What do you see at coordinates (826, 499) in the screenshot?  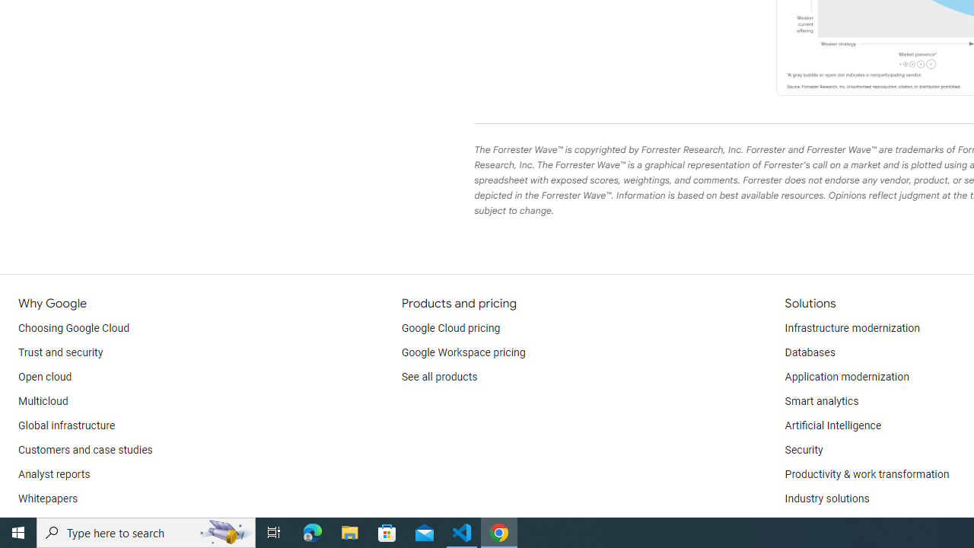 I see `'Industry solutions'` at bounding box center [826, 499].